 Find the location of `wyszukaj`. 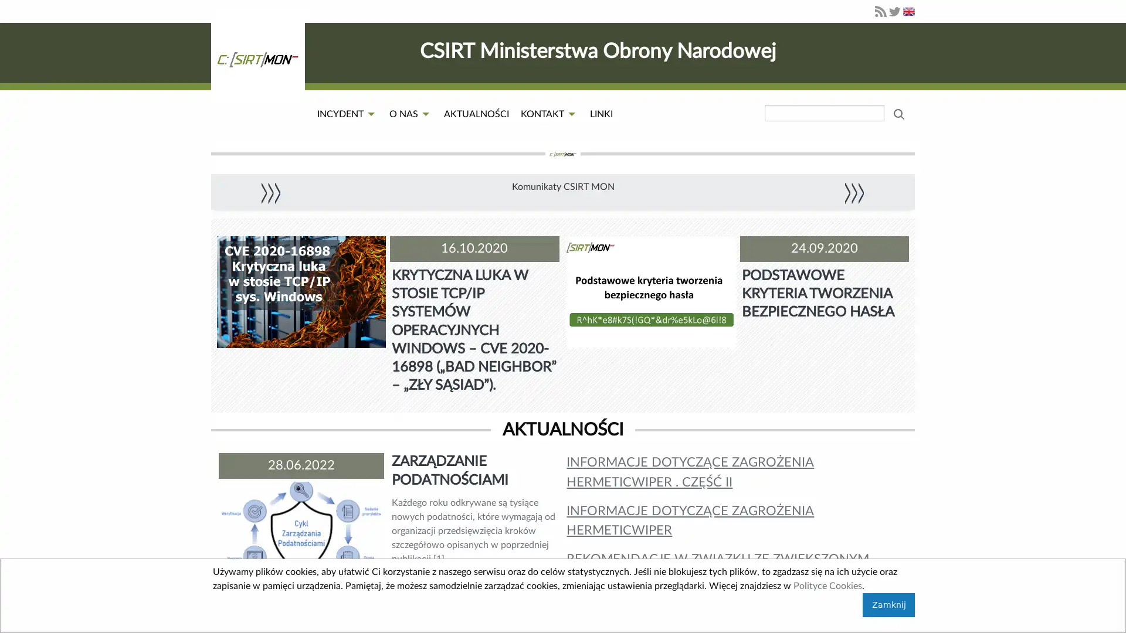

wyszukaj is located at coordinates (897, 113).